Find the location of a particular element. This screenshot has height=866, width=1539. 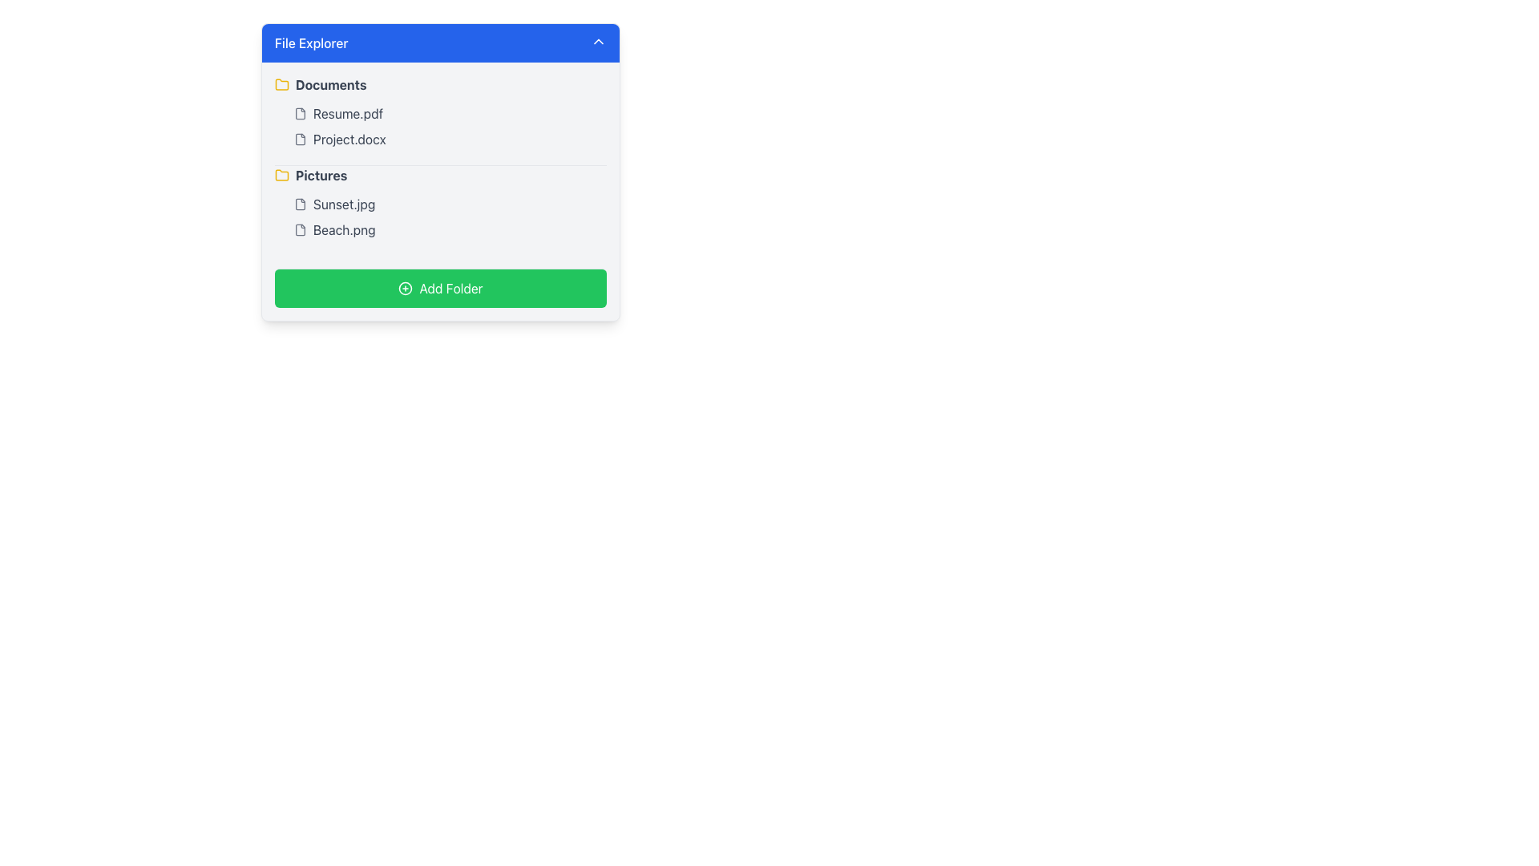

the List Item displaying 'Beach.png' in the Pictures section of the file explorer is located at coordinates (449, 229).